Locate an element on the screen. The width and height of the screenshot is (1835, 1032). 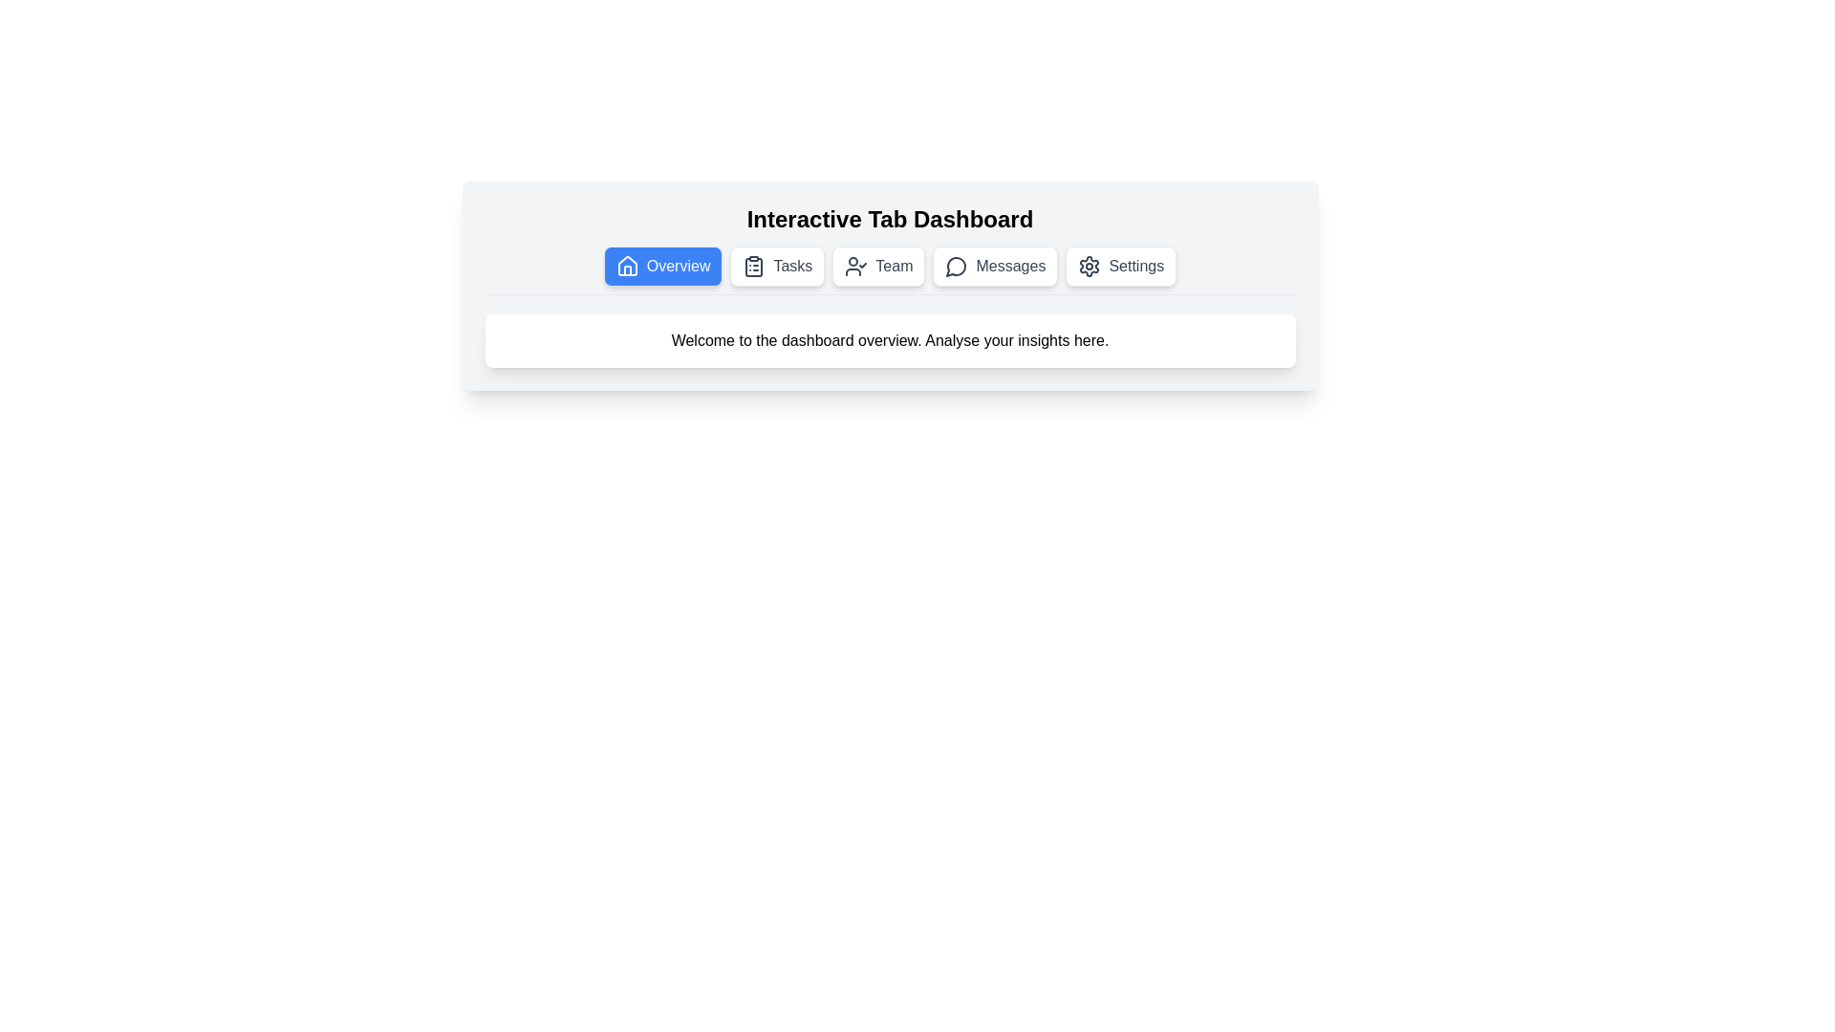
the 'Overview' button is located at coordinates (663, 266).